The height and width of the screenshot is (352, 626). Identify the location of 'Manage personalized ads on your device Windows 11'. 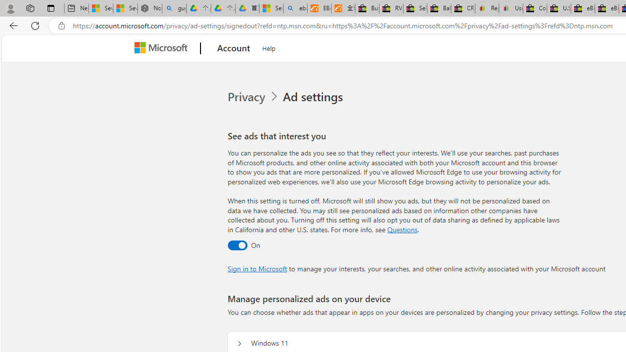
(239, 343).